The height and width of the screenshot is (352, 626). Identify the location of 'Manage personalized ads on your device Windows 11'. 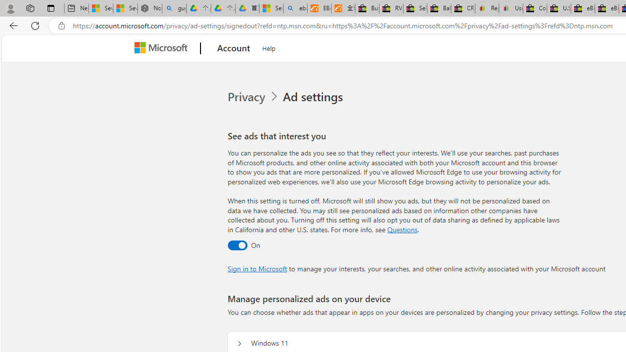
(239, 343).